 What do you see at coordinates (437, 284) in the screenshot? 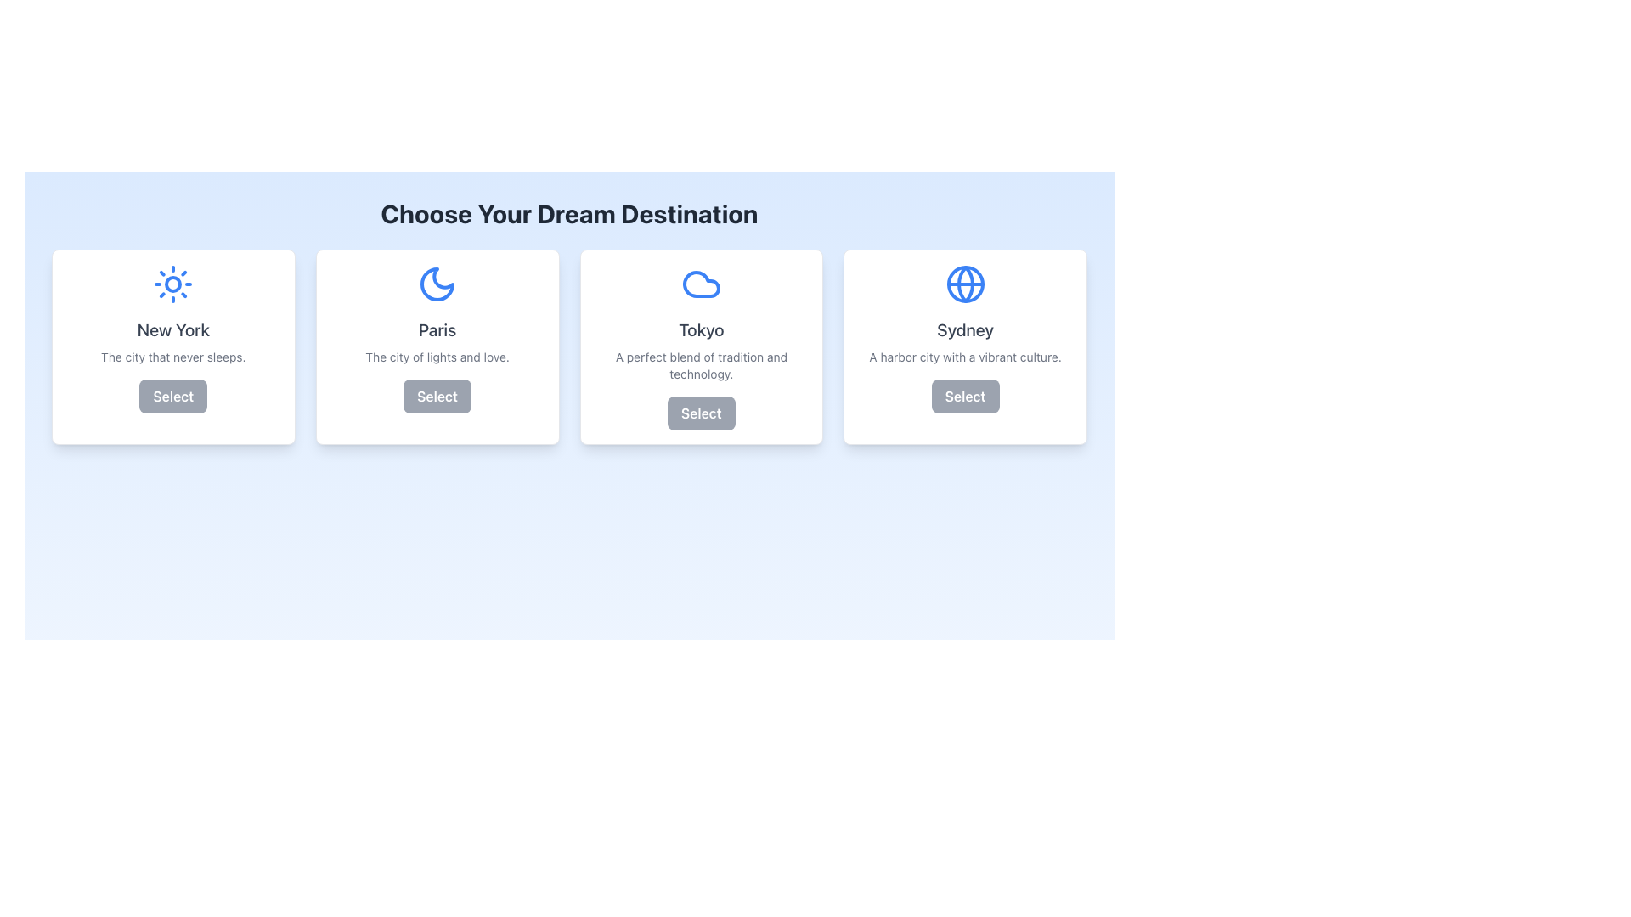
I see `the crescent moon icon with a smooth blue fill located on the second card labeled 'Paris' in a grid layout` at bounding box center [437, 284].